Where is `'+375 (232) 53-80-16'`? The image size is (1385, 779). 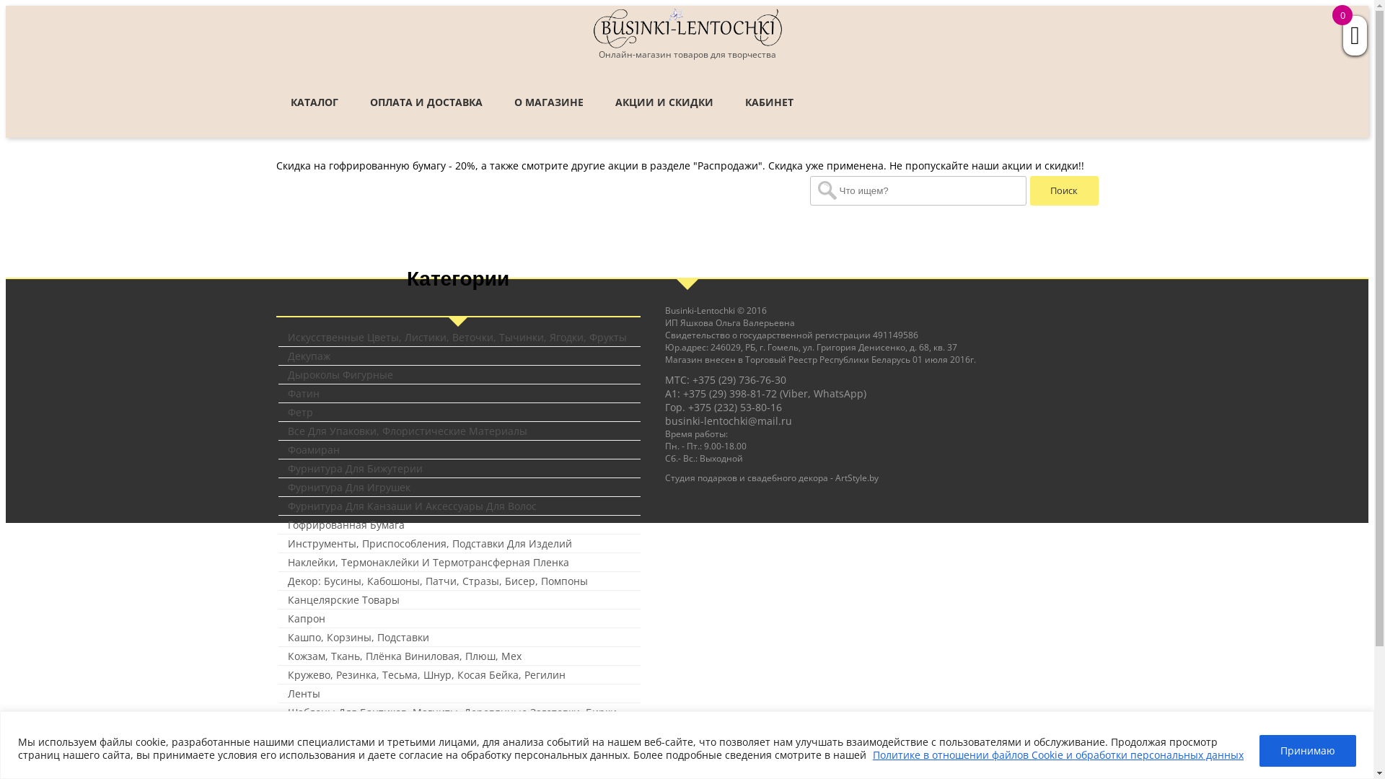
'+375 (232) 53-80-16' is located at coordinates (734, 407).